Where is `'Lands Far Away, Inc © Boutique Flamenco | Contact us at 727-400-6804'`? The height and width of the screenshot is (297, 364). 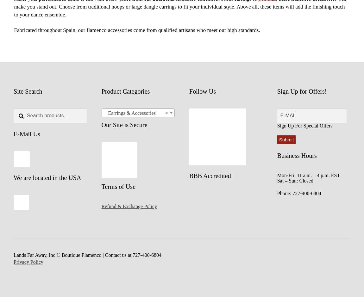
'Lands Far Away, Inc © Boutique Flamenco | Contact us at 727-400-6804' is located at coordinates (87, 255).